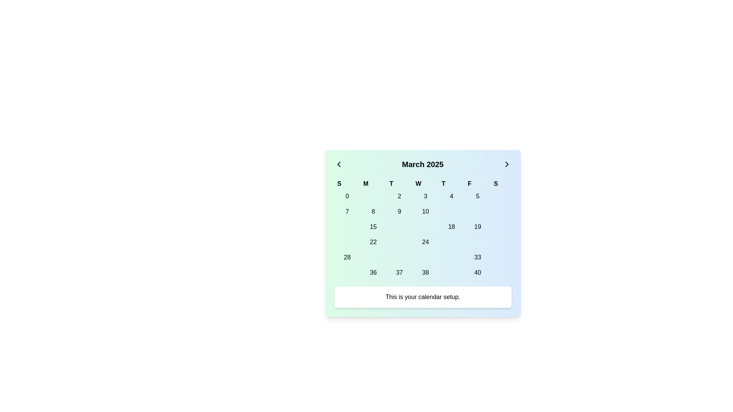  I want to click on the visual representation of the small, circular, black dot icon located at the first position in its row within the calendar or schedule interface, so click(347, 226).